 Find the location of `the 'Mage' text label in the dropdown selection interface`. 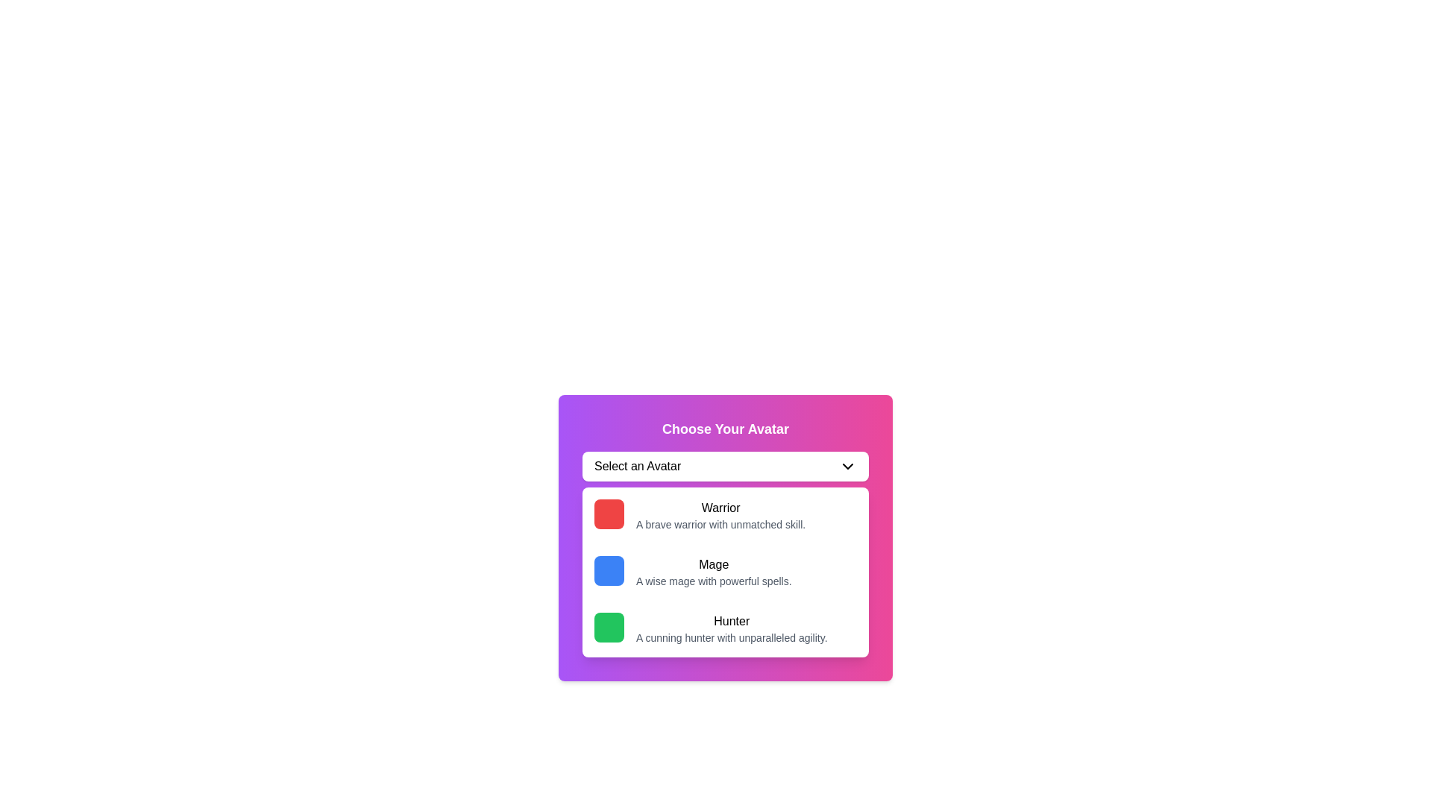

the 'Mage' text label in the dropdown selection interface is located at coordinates (713, 565).